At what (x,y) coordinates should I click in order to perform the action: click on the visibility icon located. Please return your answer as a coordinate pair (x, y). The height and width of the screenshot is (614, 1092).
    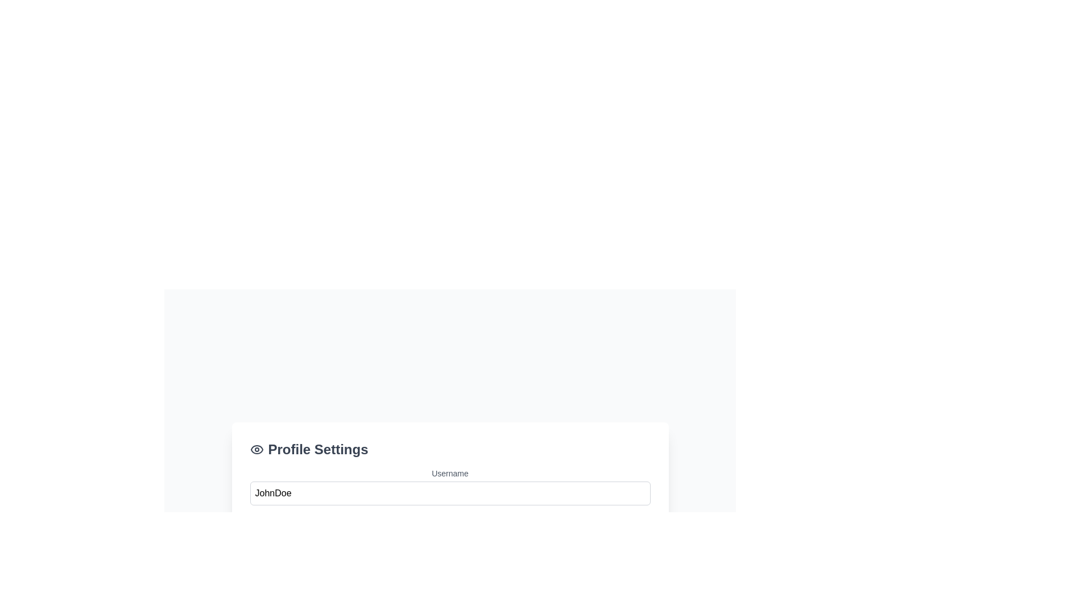
    Looking at the image, I should click on (256, 449).